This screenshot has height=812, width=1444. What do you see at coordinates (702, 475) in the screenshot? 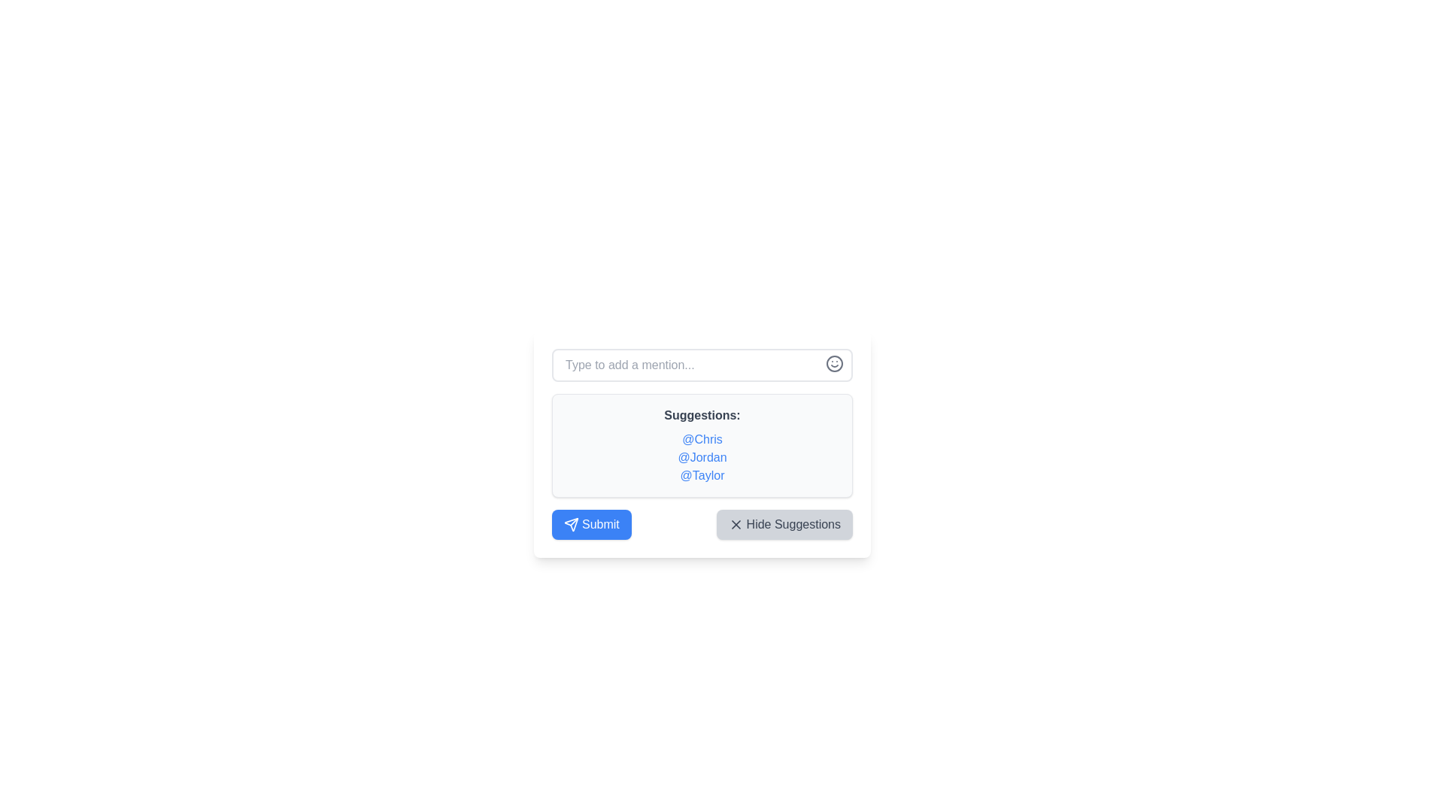
I see `the clickable mention suggestion '@Taylor' using keyboard navigation` at bounding box center [702, 475].